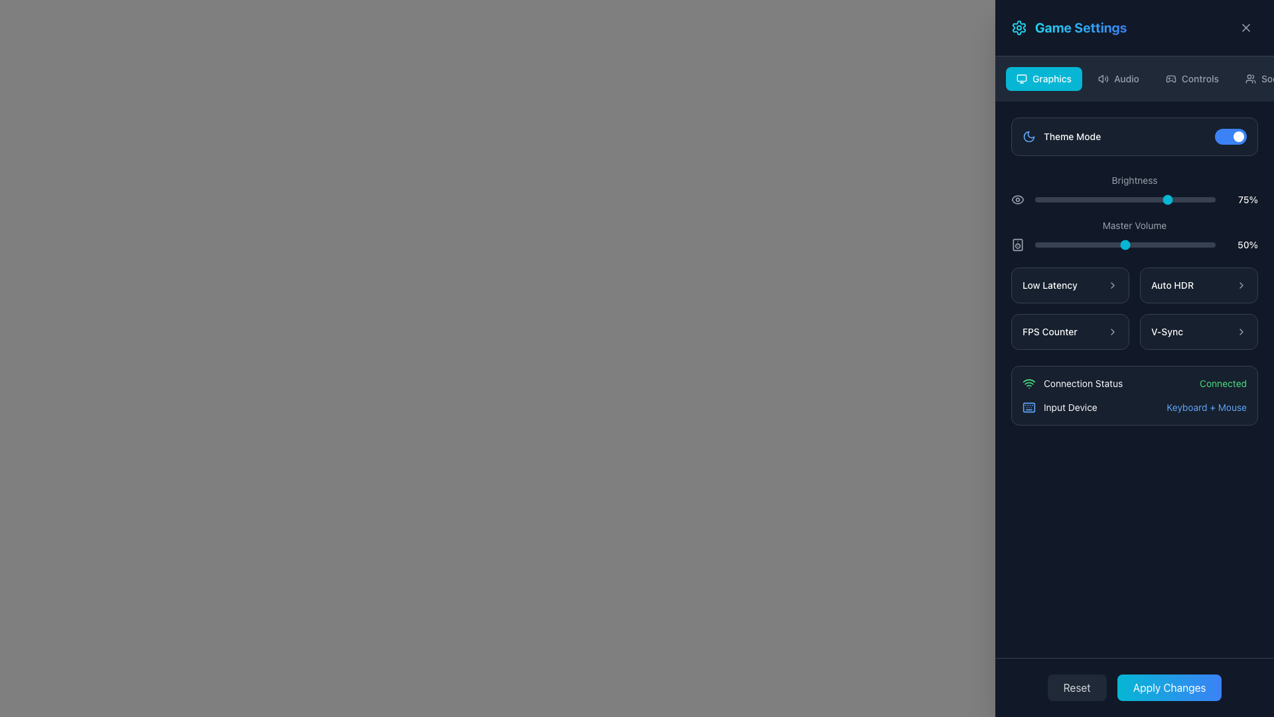 The image size is (1274, 717). Describe the element at coordinates (1021, 79) in the screenshot. I see `the computer monitor icon located to the left of the 'Graphics' button in the top navigation area of the game settings interface` at that location.